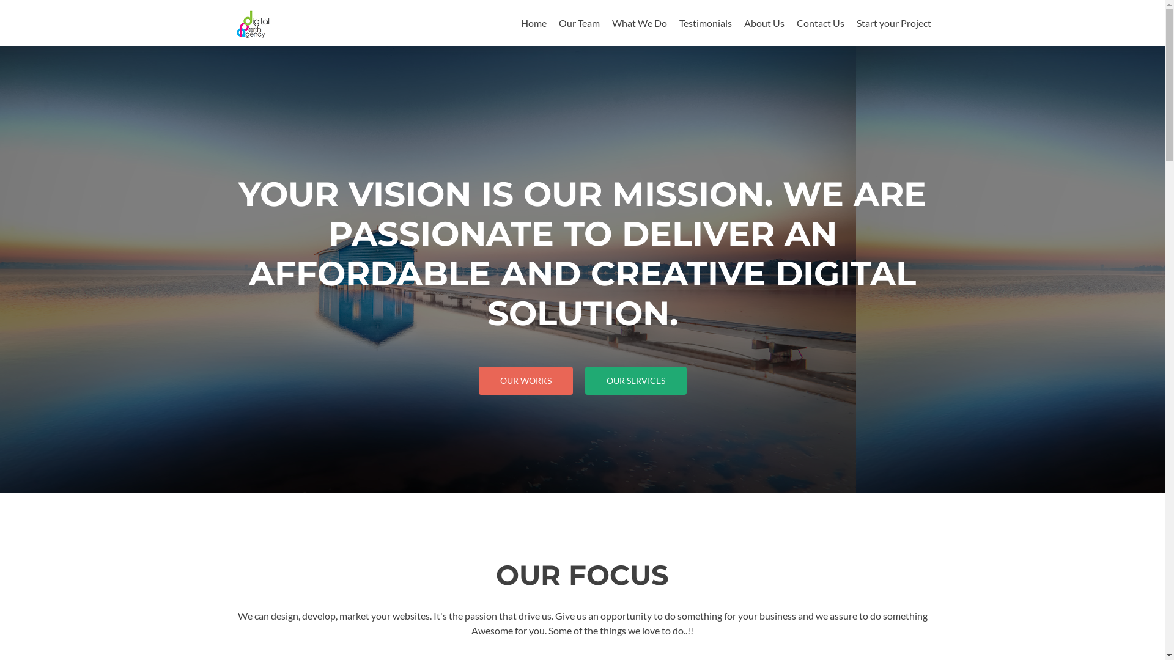  I want to click on 'OUR WORKS', so click(525, 380).